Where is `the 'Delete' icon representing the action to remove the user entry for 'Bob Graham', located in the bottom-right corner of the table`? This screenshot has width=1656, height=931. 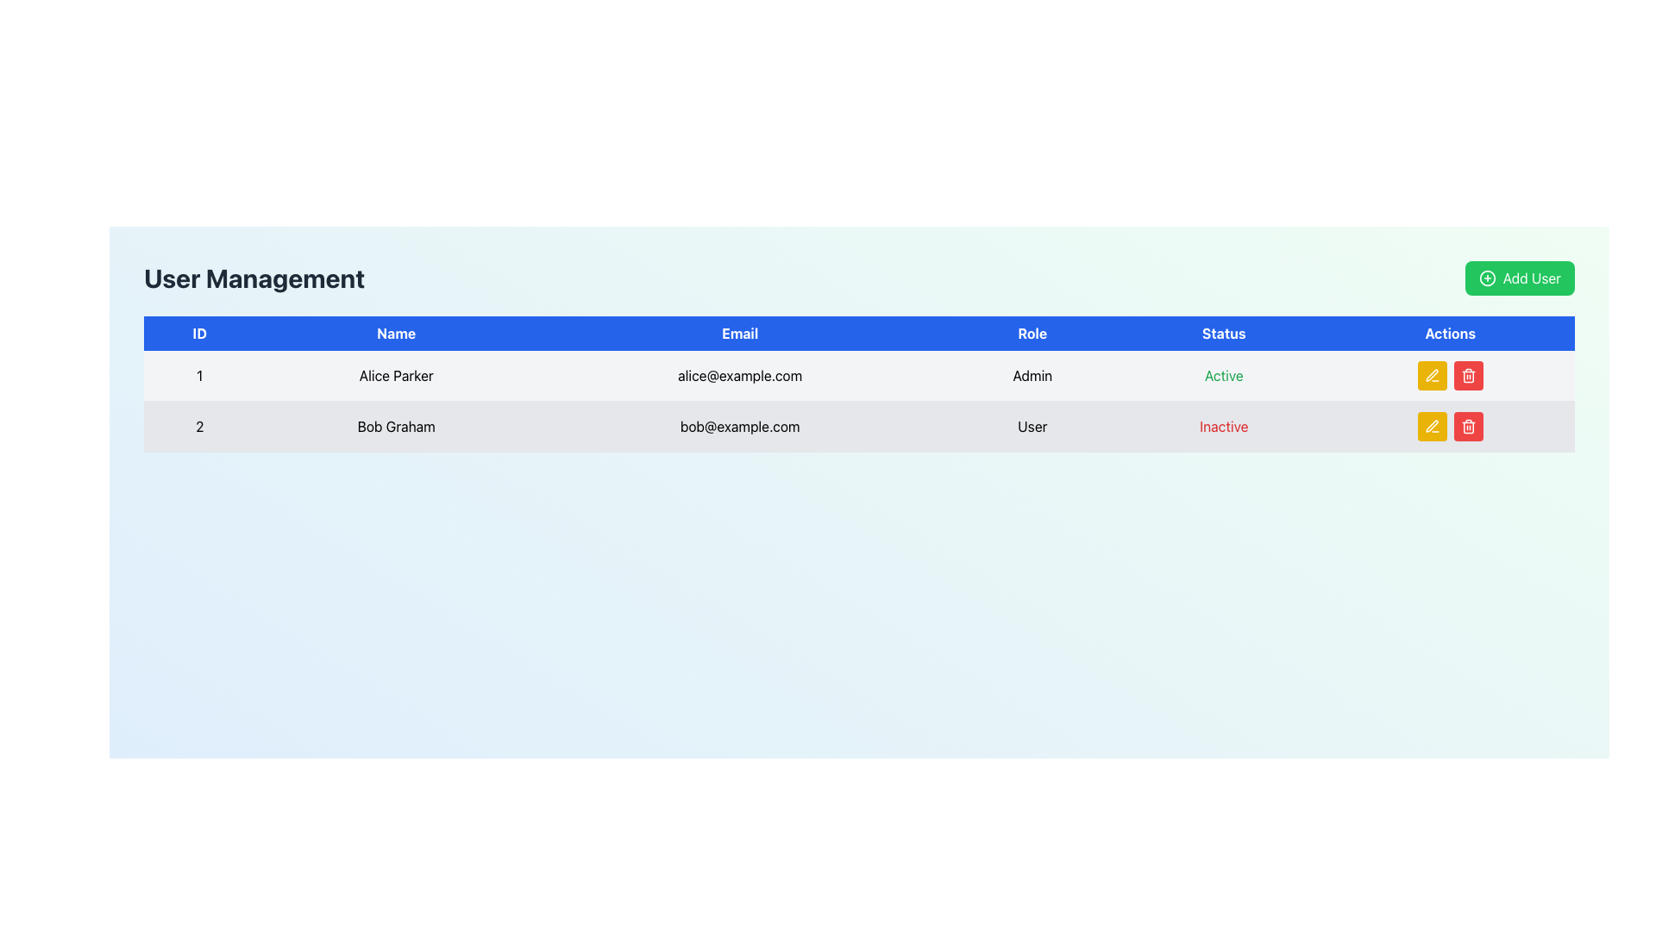
the 'Delete' icon representing the action to remove the user entry for 'Bob Graham', located in the bottom-right corner of the table is located at coordinates (1467, 376).